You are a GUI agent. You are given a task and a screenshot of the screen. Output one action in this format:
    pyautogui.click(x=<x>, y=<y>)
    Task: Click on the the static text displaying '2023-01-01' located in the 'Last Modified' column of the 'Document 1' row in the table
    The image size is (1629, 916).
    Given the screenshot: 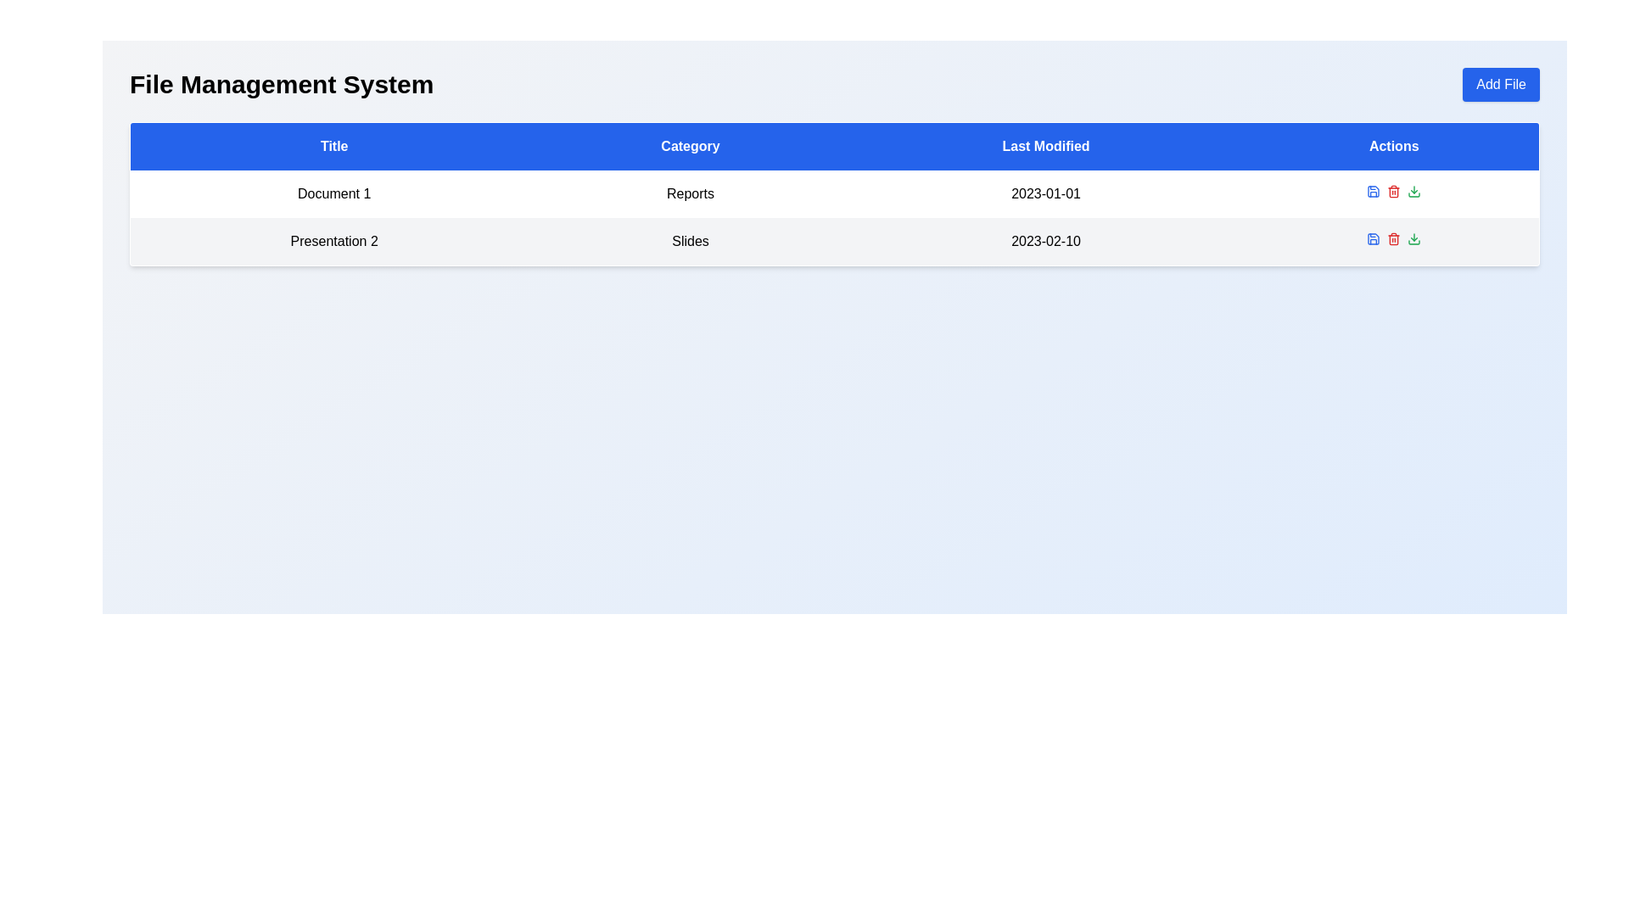 What is the action you would take?
    pyautogui.click(x=1045, y=193)
    